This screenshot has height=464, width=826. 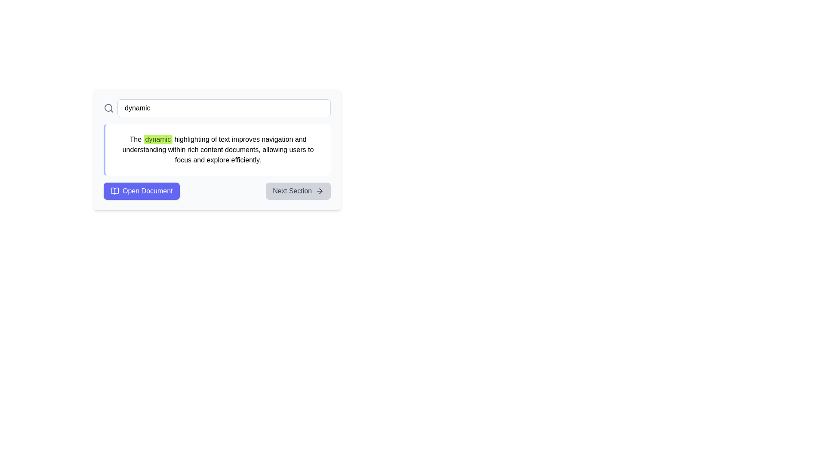 I want to click on the navigation button located to the right of the 'Open Document' button, so click(x=298, y=190).